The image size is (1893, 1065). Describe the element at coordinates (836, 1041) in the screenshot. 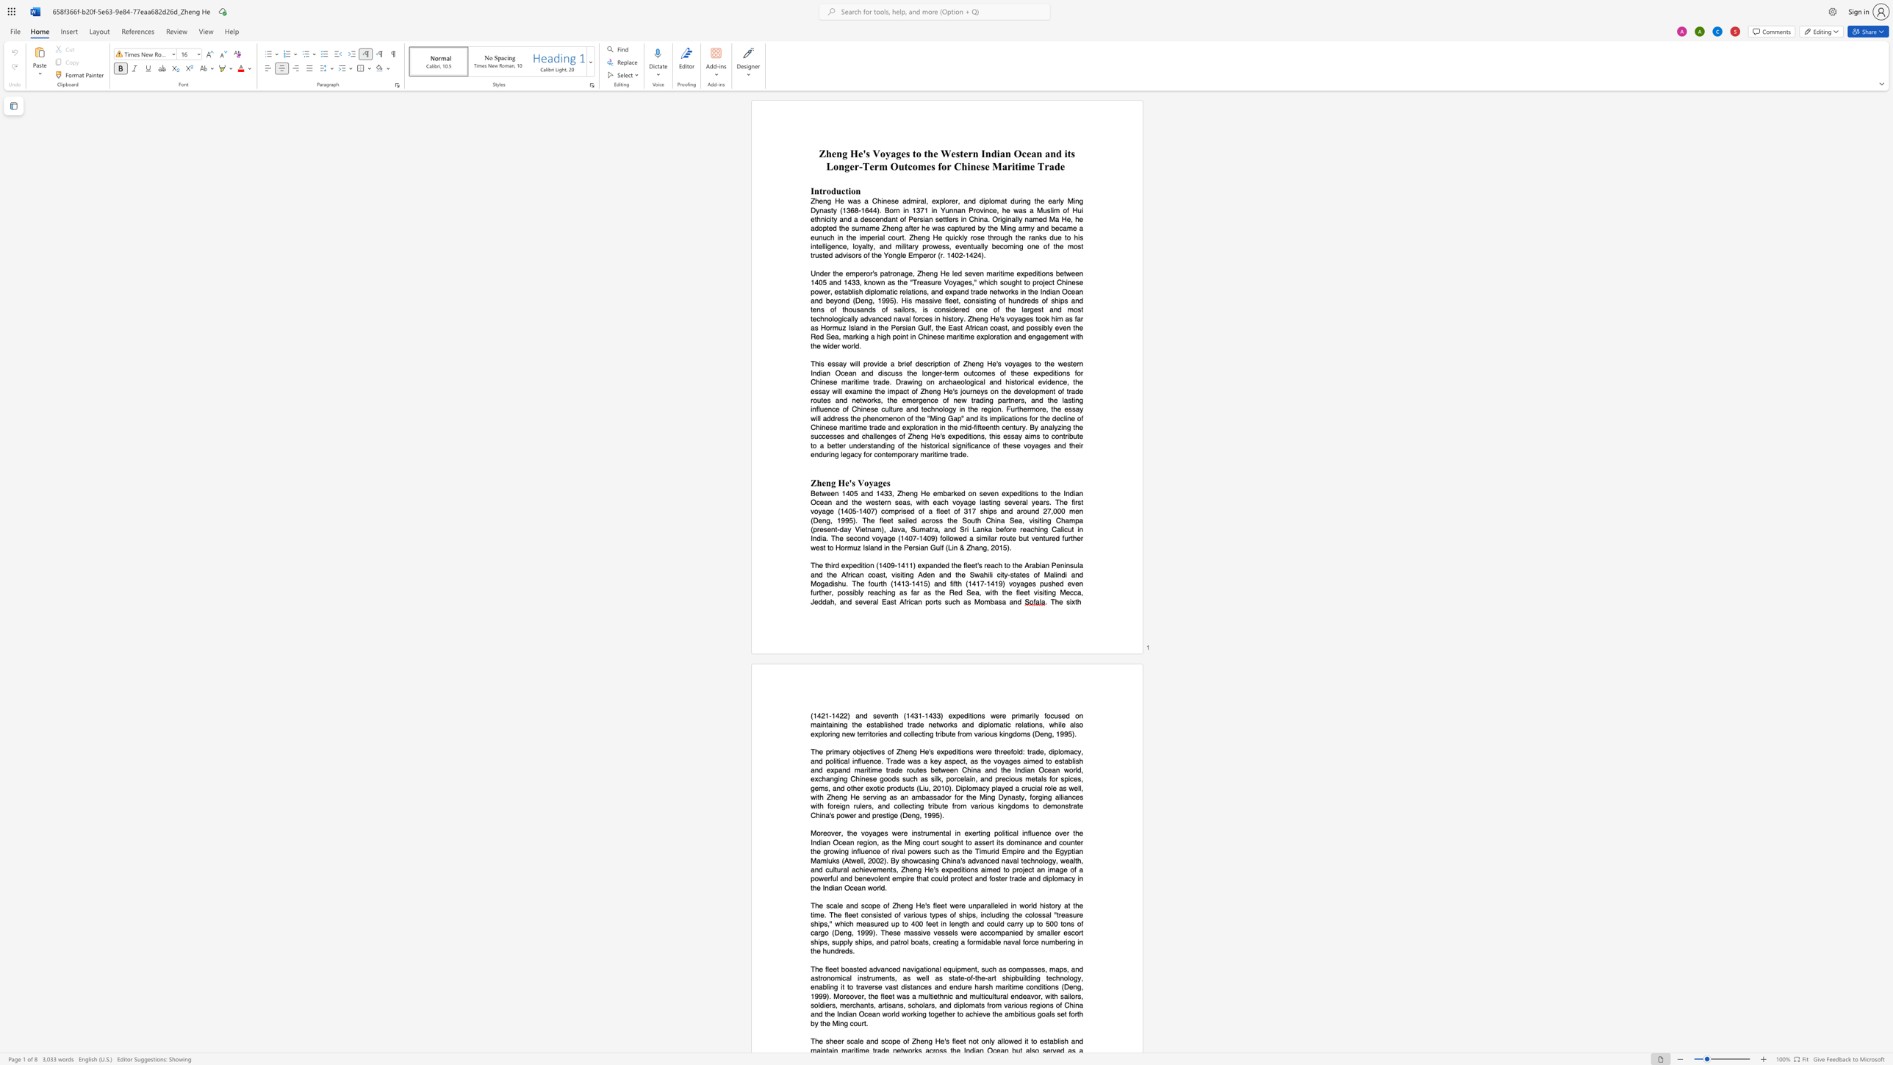

I see `the subset text "er scale a" within the text "The sheer scale and scope of Zheng He"` at that location.